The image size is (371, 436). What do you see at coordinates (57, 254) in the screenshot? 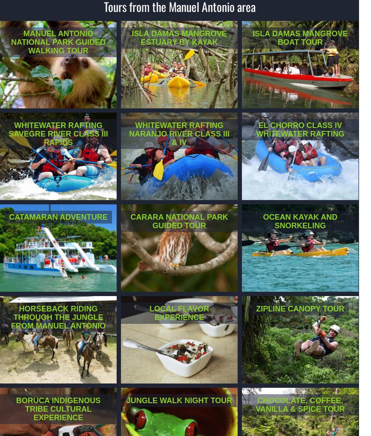
I see `'Set sail and cruise the coastal waters around Manuel Antonio National Park. Snorkel and slide in Biesanz Bay on our Catamaran Adventure.'` at bounding box center [57, 254].